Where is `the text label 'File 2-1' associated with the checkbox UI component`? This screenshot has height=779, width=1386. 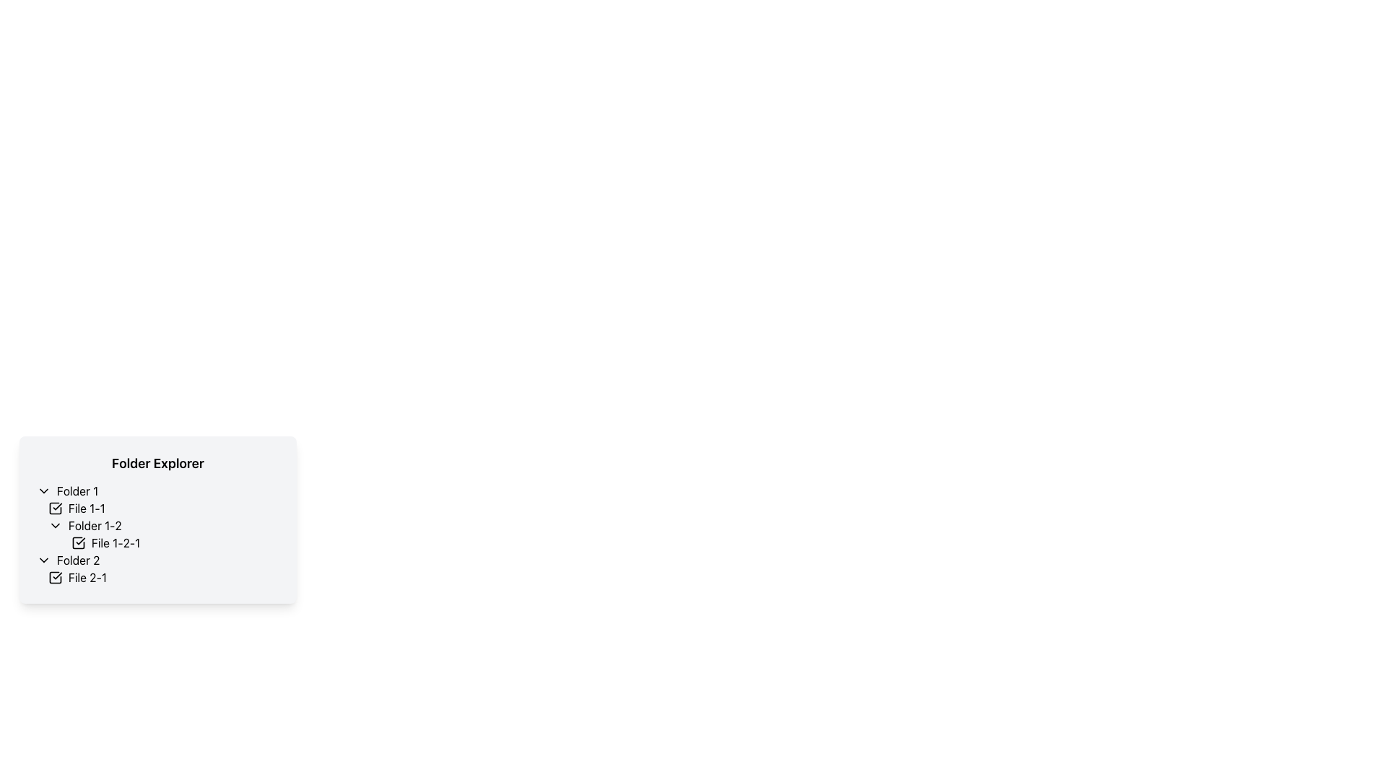
the text label 'File 2-1' associated with the checkbox UI component is located at coordinates (87, 577).